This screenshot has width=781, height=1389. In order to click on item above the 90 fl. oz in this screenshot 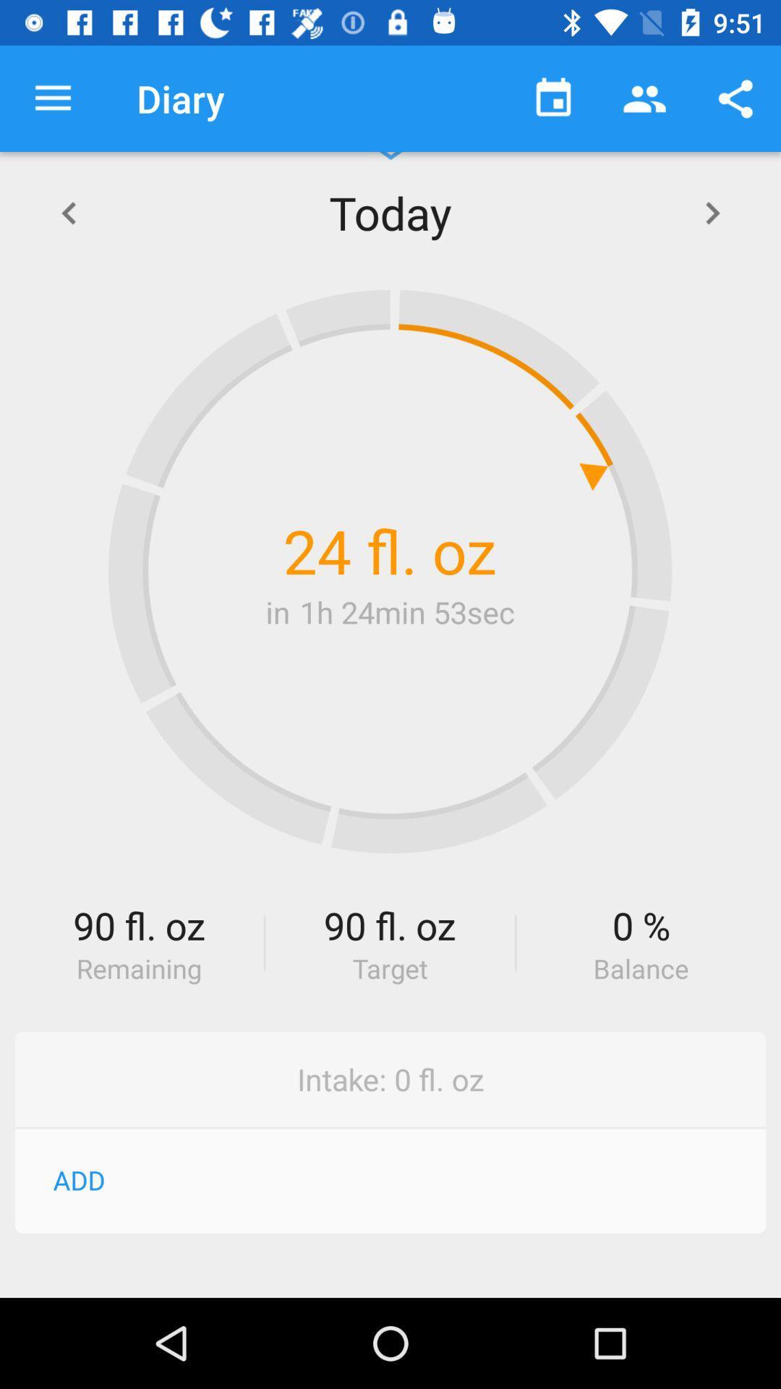, I will do `click(389, 571)`.